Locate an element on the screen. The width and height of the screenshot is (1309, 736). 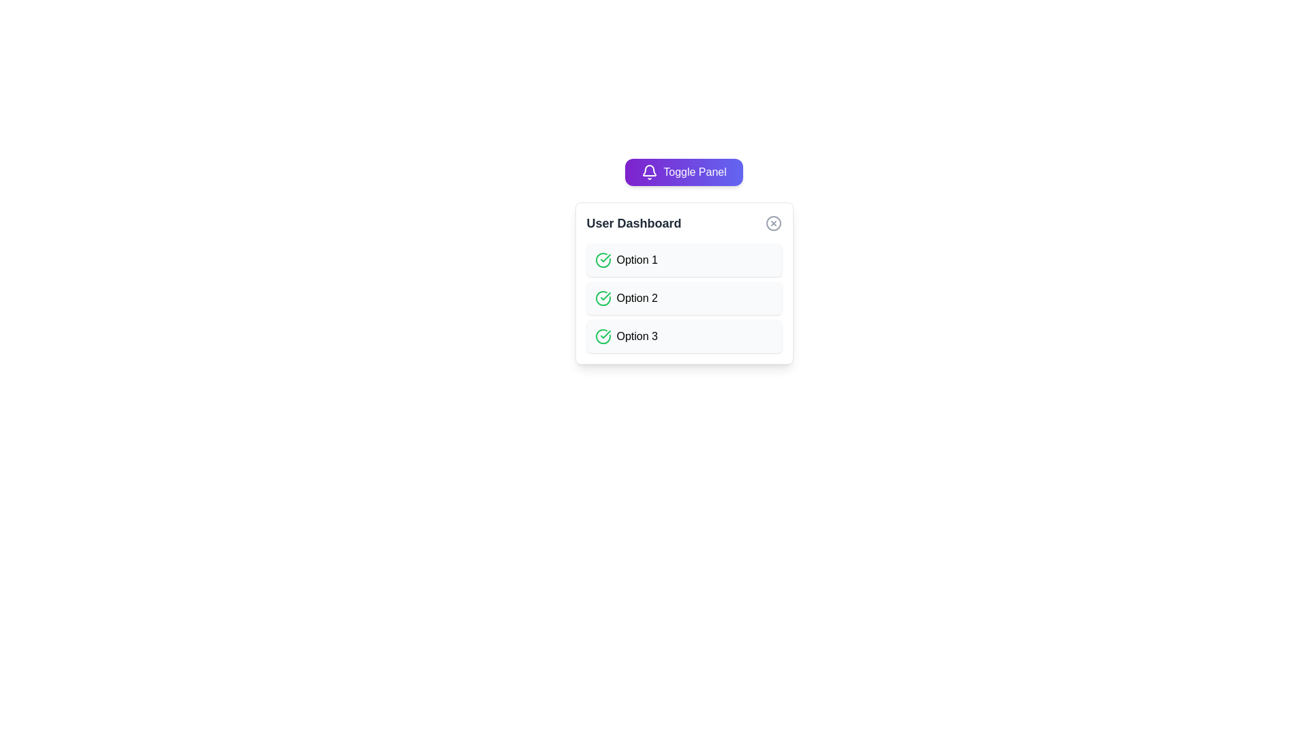
the visual state of the first icon under 'Option 1', which indicates completion or selection is located at coordinates (602, 260).